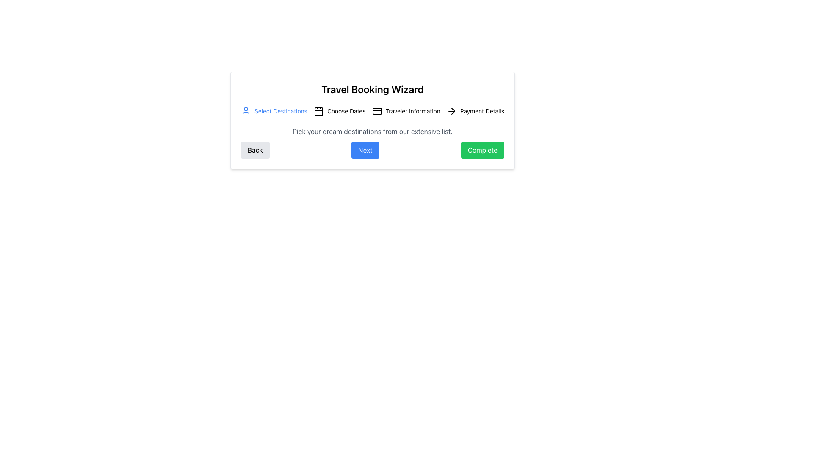  I want to click on the second button in a row of three buttons located centrally between the 'Back' and 'Complete' buttons, so click(365, 149).